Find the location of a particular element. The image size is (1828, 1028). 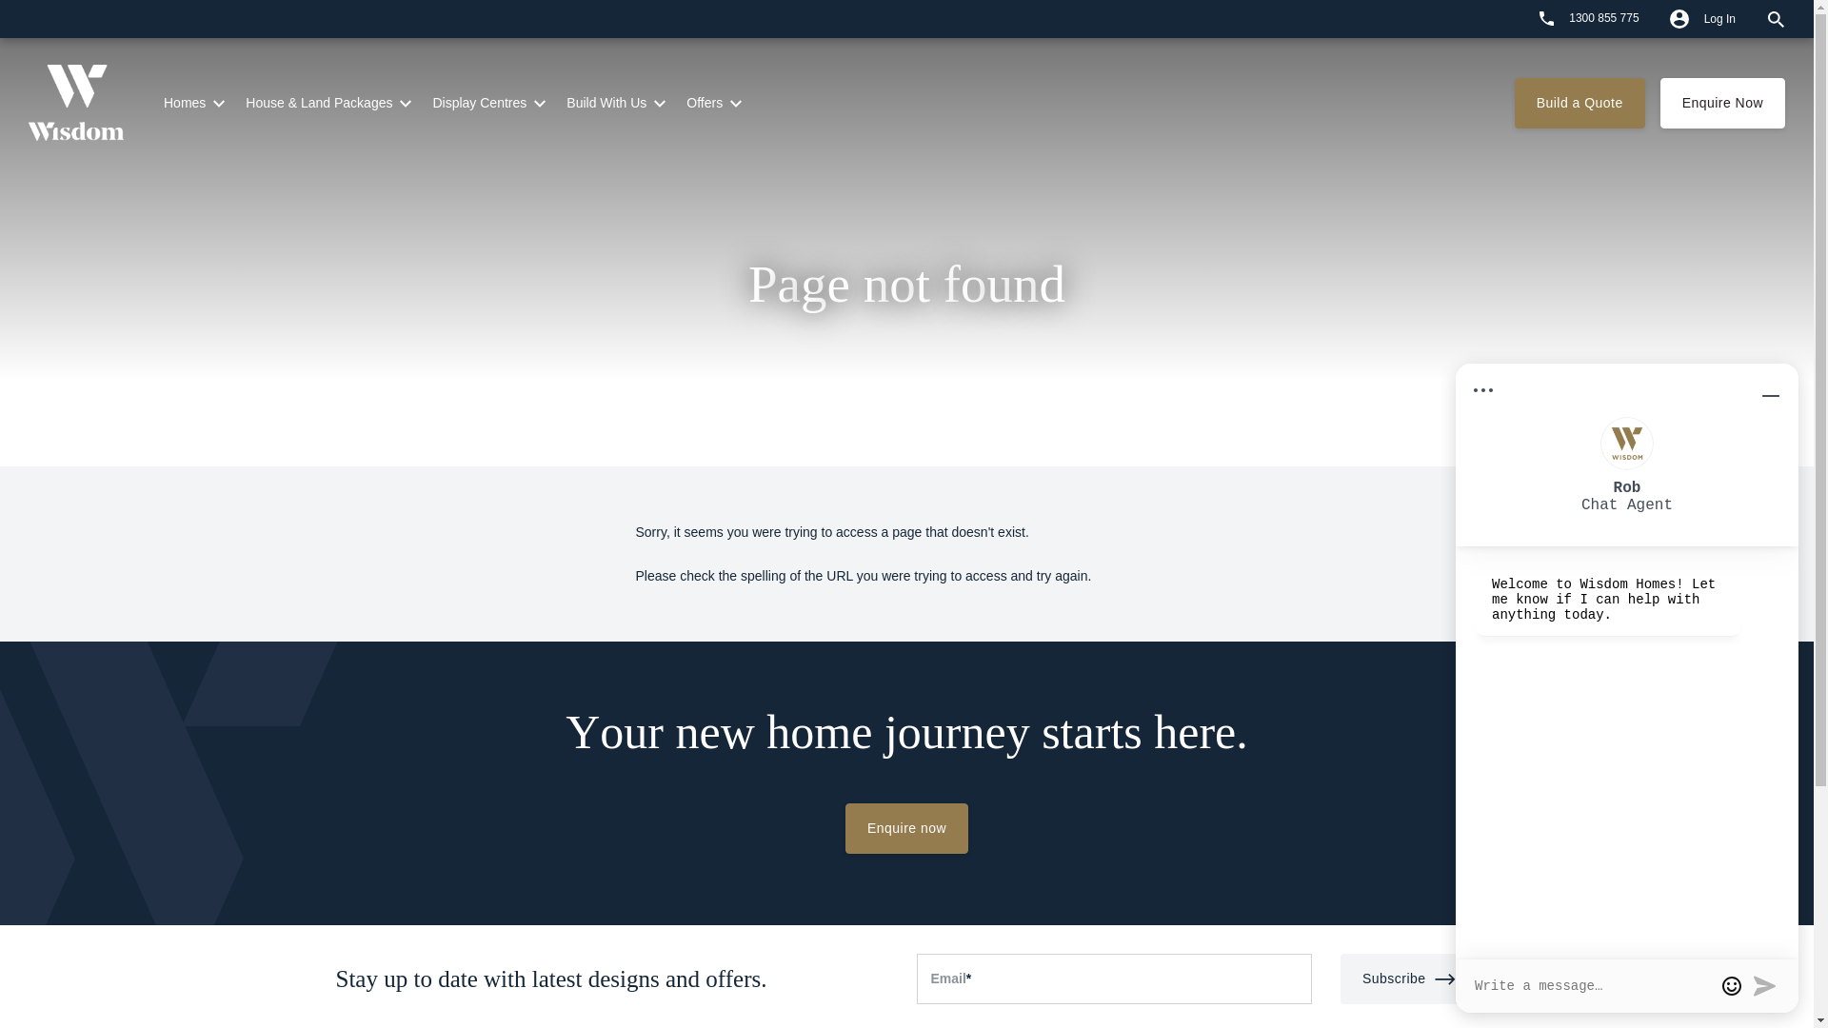

'House & Land Packages' is located at coordinates (245, 103).